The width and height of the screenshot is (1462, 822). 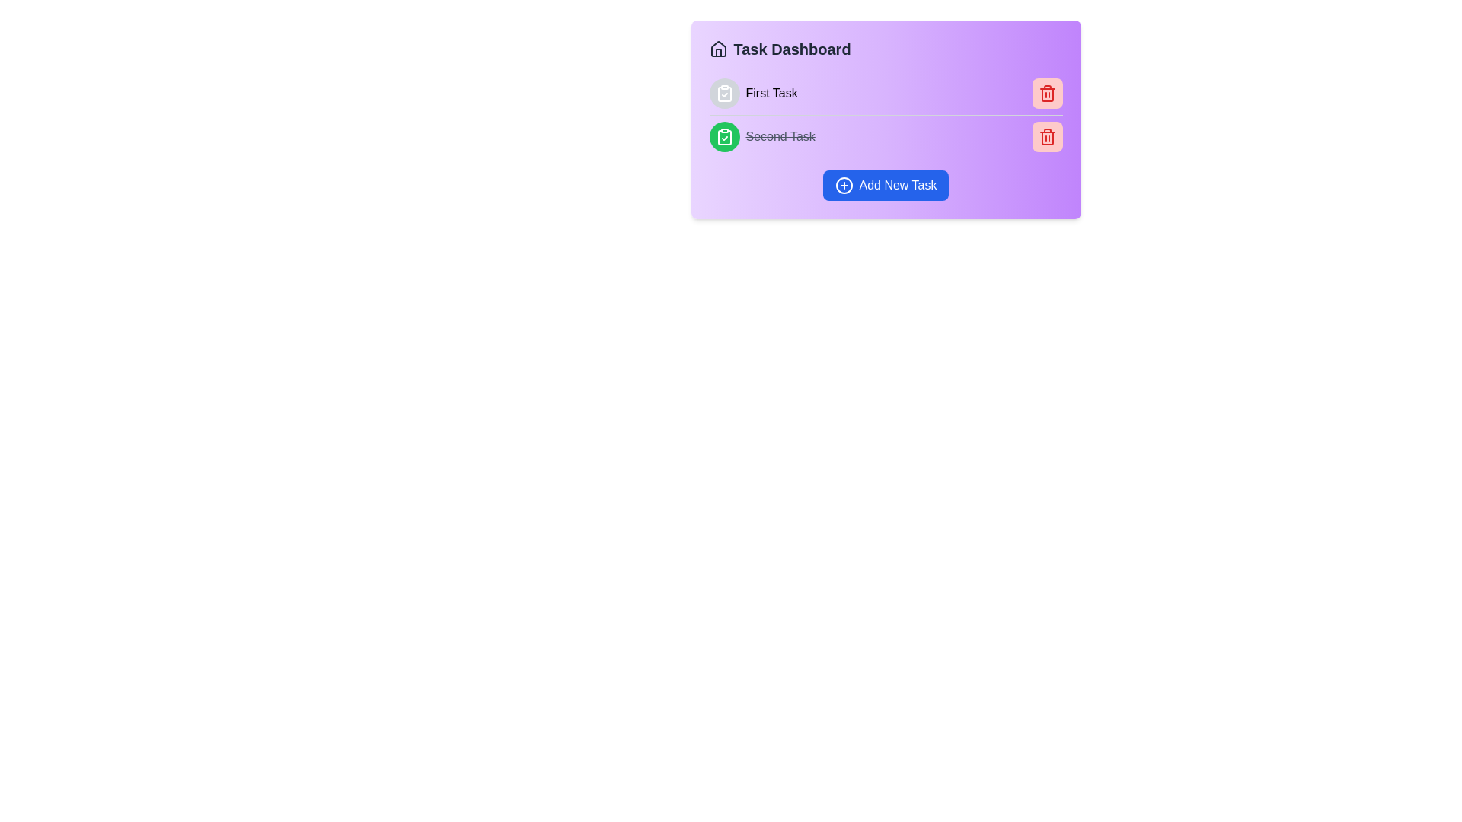 What do you see at coordinates (1046, 137) in the screenshot?
I see `the delete button located in the top-right corner of the 'Second Task' section` at bounding box center [1046, 137].